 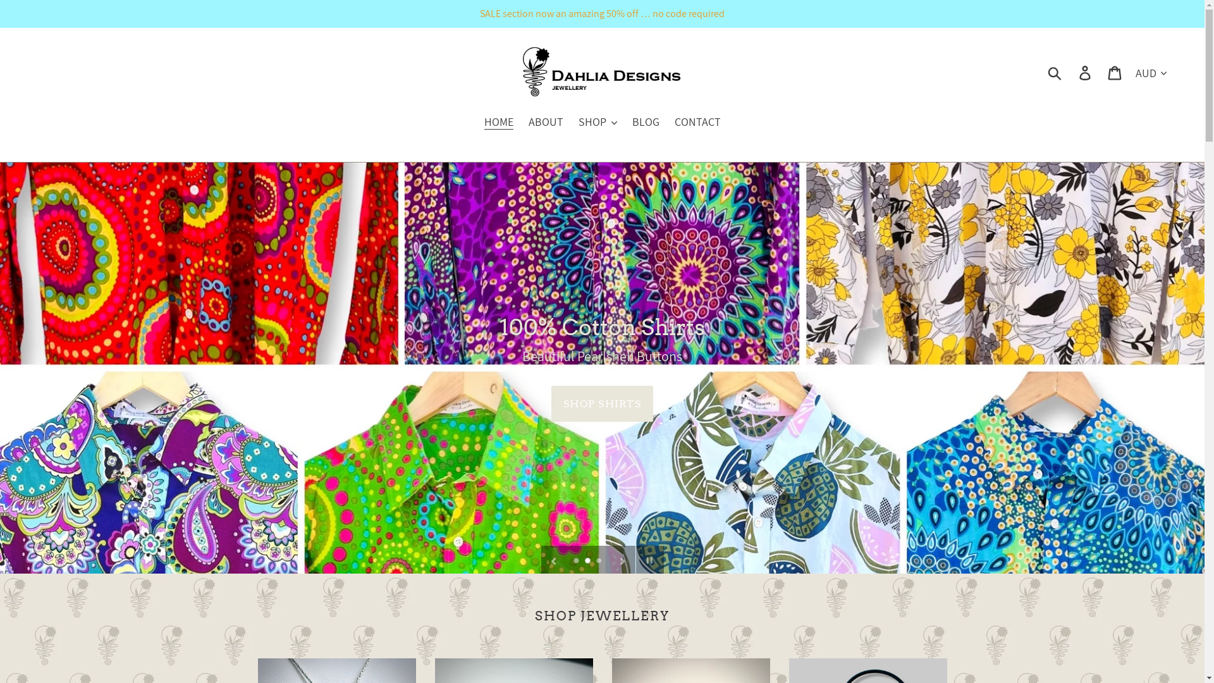 I want to click on 'Cart', so click(x=1115, y=71).